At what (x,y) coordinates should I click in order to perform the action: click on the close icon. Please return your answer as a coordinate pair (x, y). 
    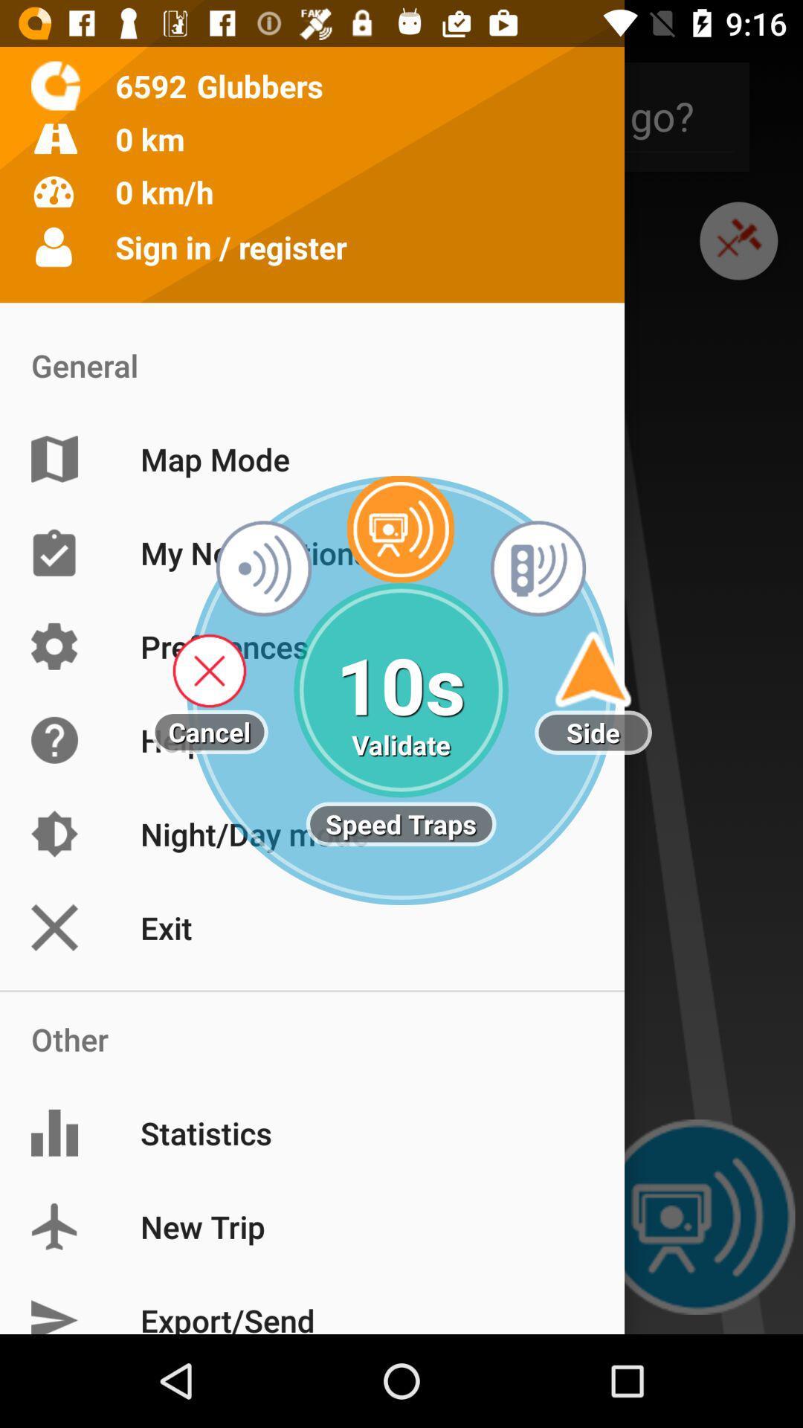
    Looking at the image, I should click on (738, 257).